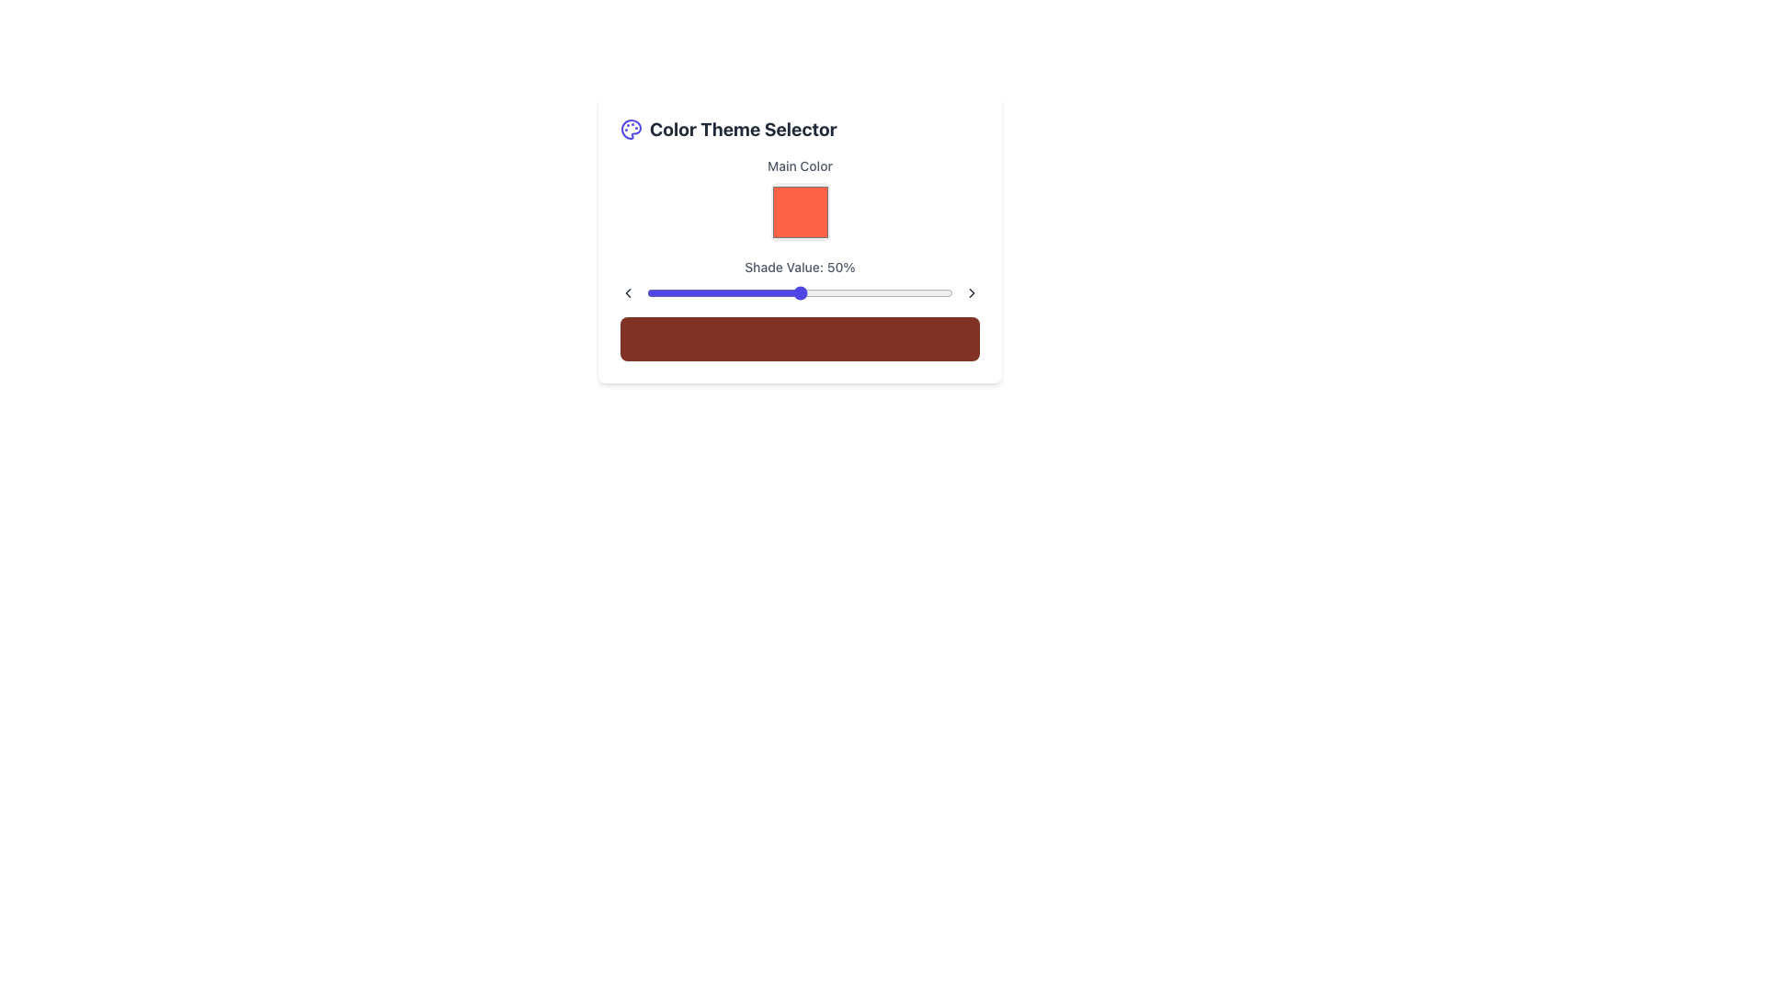 The image size is (1765, 993). I want to click on the shade value, so click(695, 292).